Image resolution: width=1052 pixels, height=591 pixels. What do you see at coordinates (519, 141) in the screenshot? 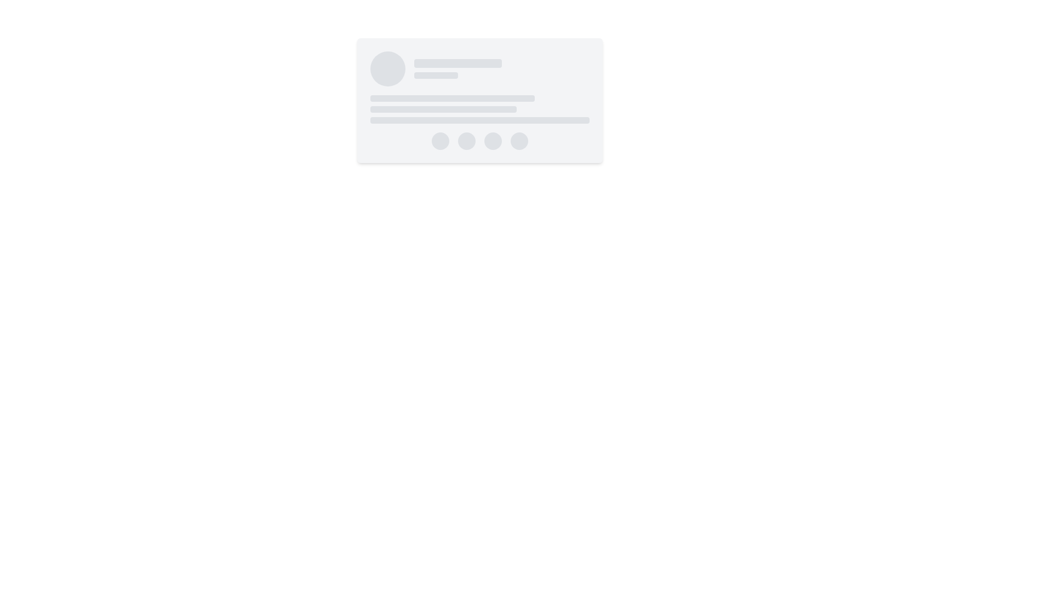
I see `the Loading Placeholder Indicator, which is the fourth circular element in a sequence of loading indicators located centrally within the widget` at bounding box center [519, 141].